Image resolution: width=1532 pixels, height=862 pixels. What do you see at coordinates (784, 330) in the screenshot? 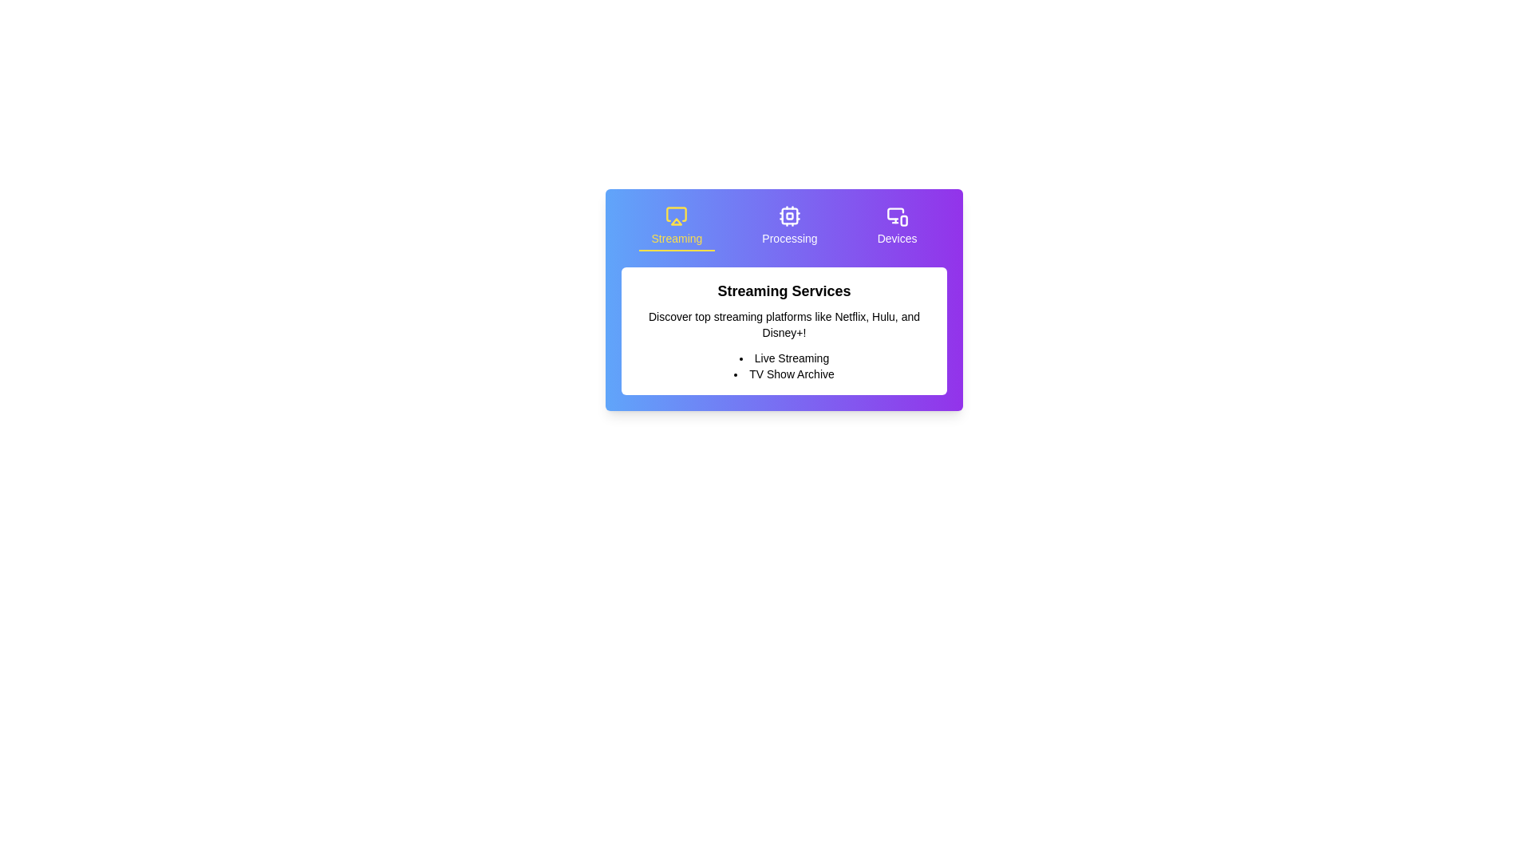
I see `the Informational text block that presents information about streaming services, featuring a bold title 'Streaming Services', descriptive text about platforms like Netflix, Hulu, and Disney+, and a bullet-point list mentioning 'Live Streaming' and 'TV Show Archive'` at bounding box center [784, 330].